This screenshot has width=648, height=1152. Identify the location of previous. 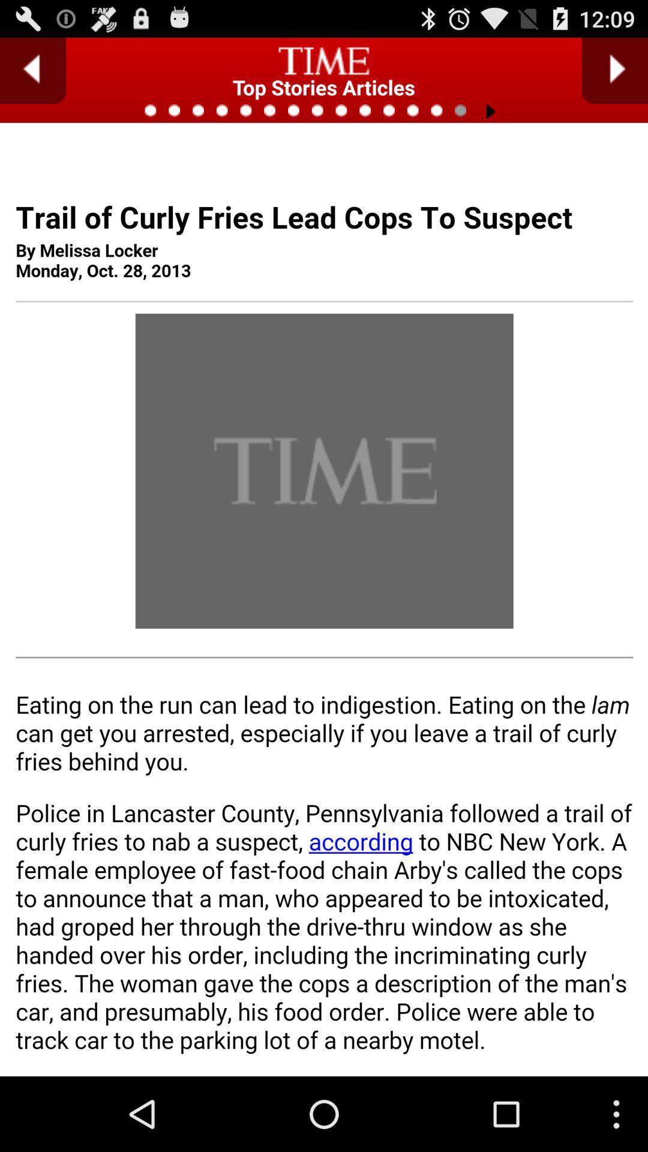
(32, 70).